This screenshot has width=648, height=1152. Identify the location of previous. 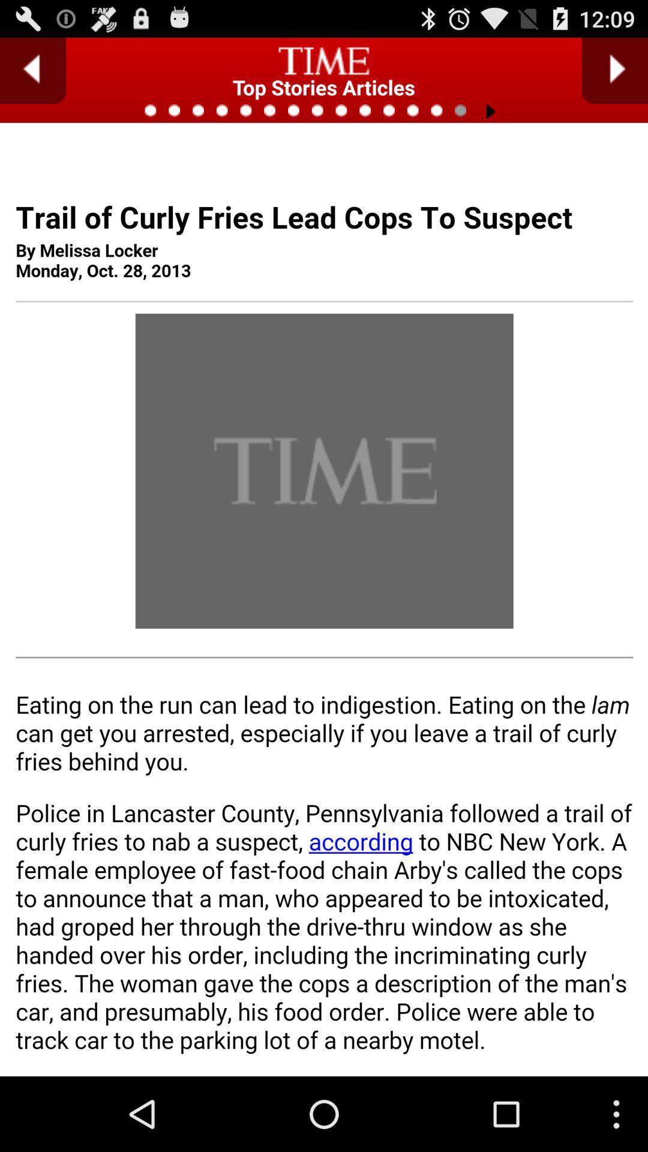
(32, 70).